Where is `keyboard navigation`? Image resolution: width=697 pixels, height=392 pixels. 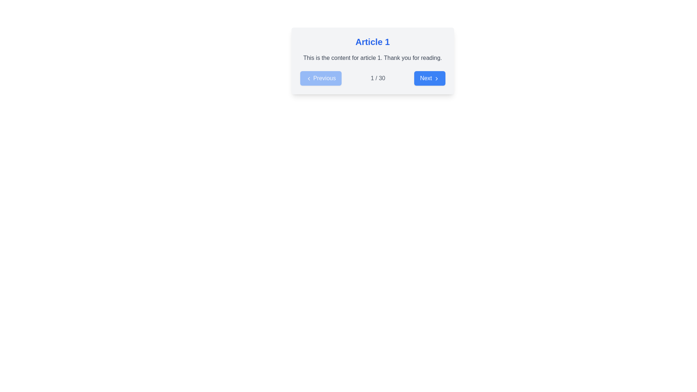
keyboard navigation is located at coordinates (320, 78).